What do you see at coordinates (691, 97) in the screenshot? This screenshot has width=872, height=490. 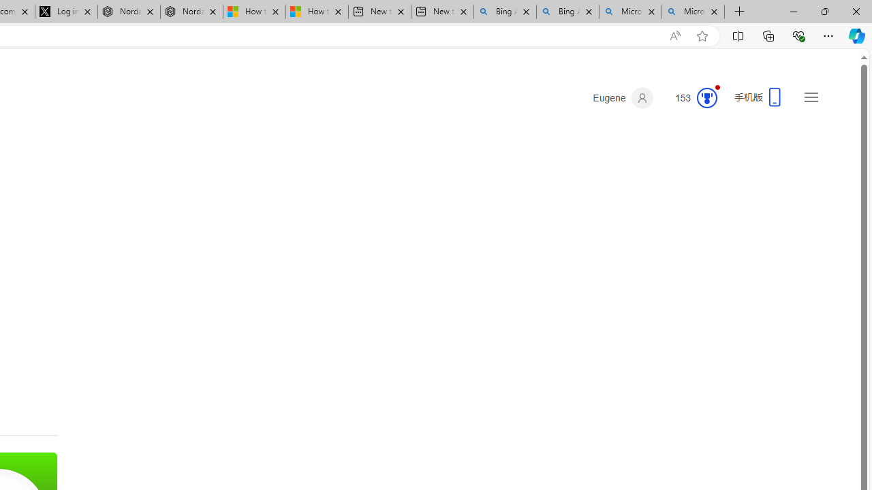 I see `'Microsoft Rewards 153'` at bounding box center [691, 97].